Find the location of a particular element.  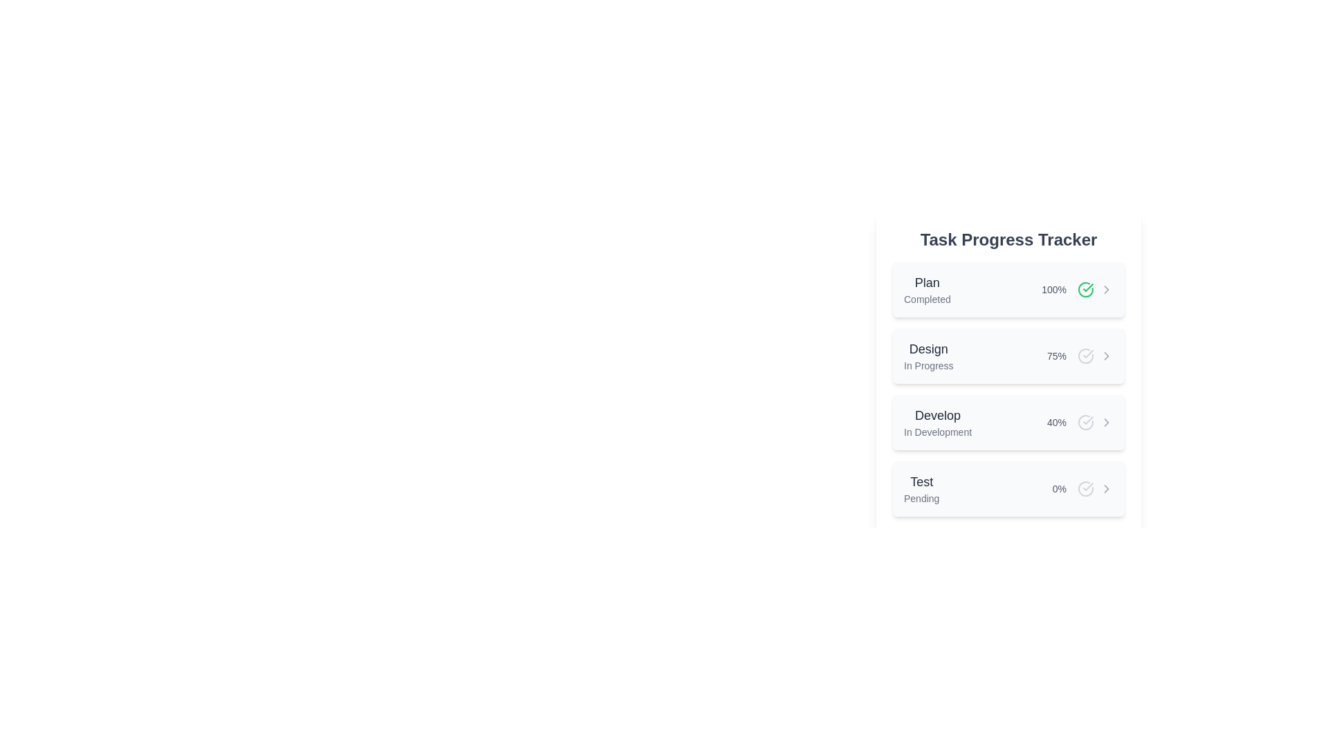

text label which displays 'Develop' in bold and 'In Development' in a smaller font, located in the third row of the vertical list under 'Task Progress Tracker' is located at coordinates (938, 421).